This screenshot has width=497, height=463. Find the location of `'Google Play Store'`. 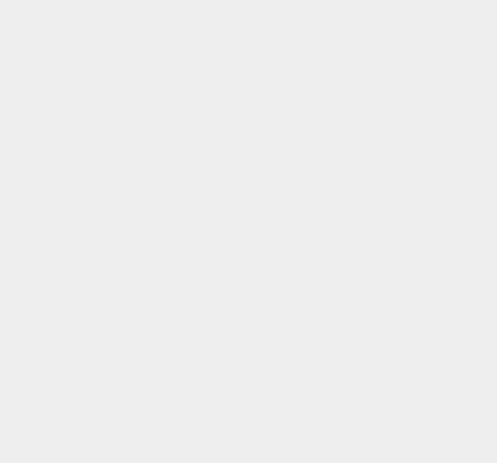

'Google Play Store' is located at coordinates (351, 343).